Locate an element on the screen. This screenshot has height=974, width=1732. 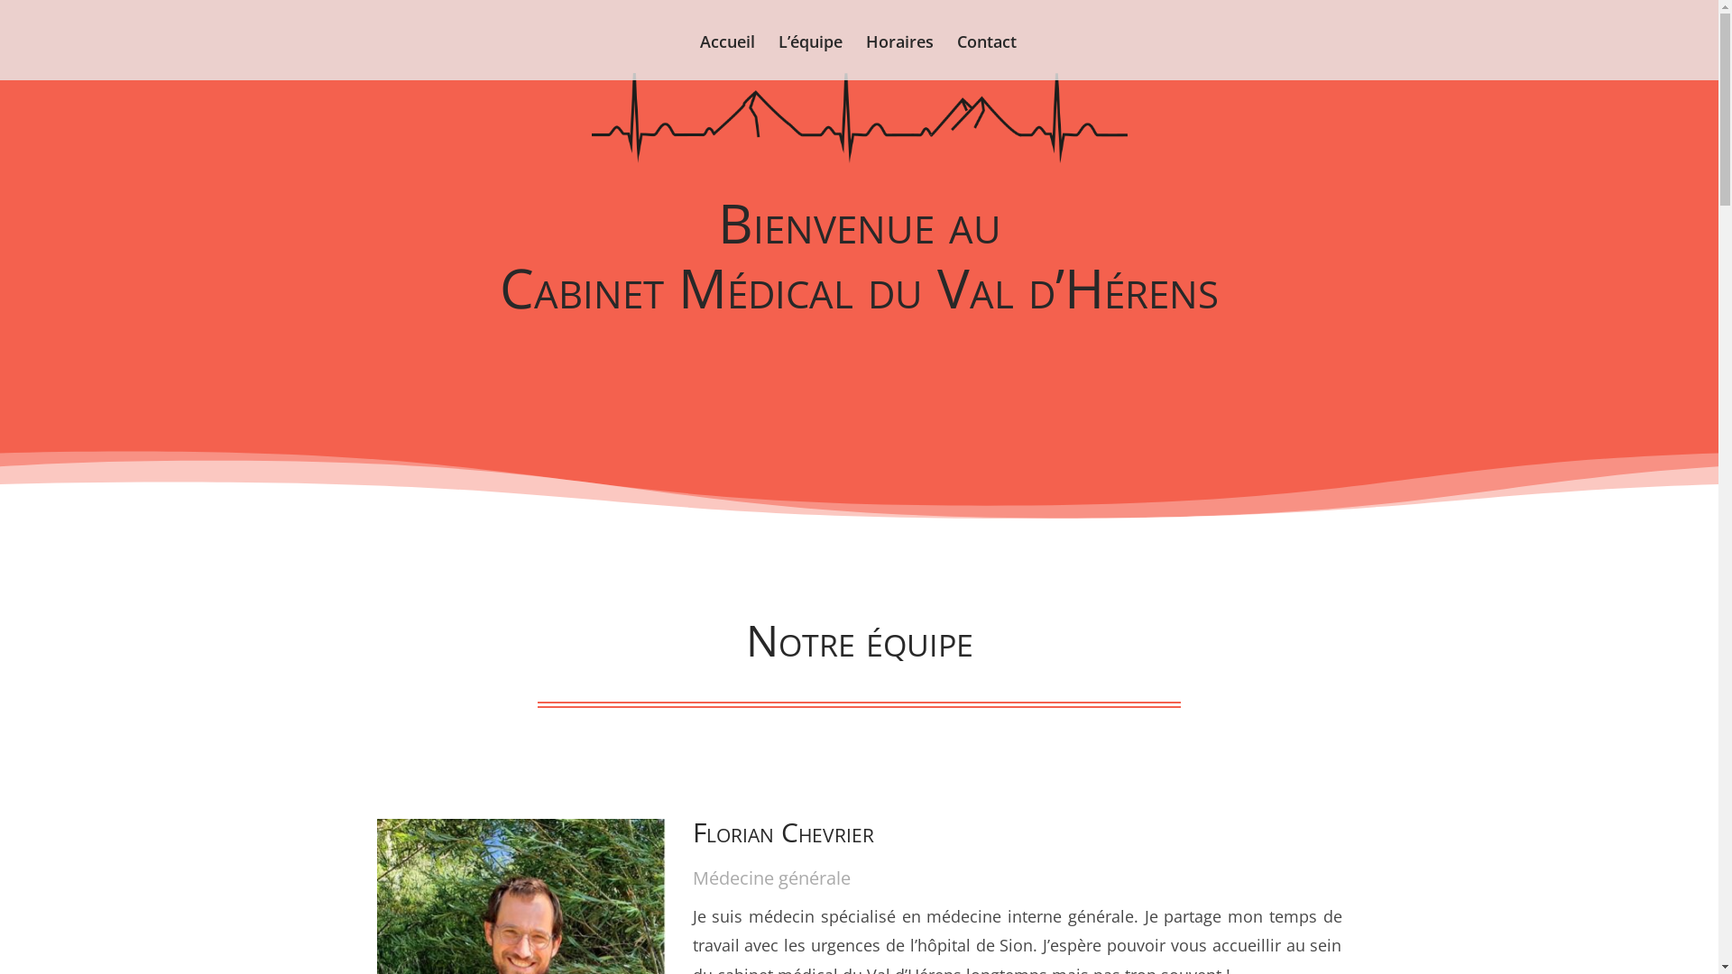
'Contact' is located at coordinates (986, 57).